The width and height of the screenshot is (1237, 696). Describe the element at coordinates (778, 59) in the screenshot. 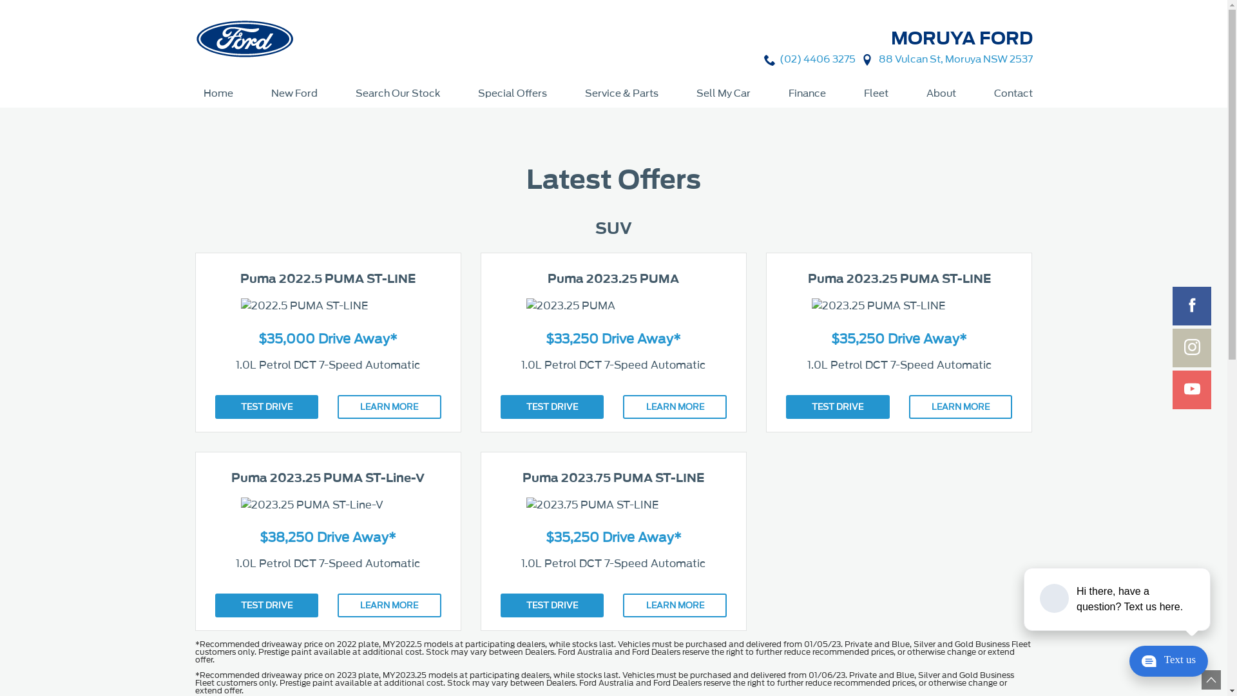

I see `'(02) 4406 3275'` at that location.